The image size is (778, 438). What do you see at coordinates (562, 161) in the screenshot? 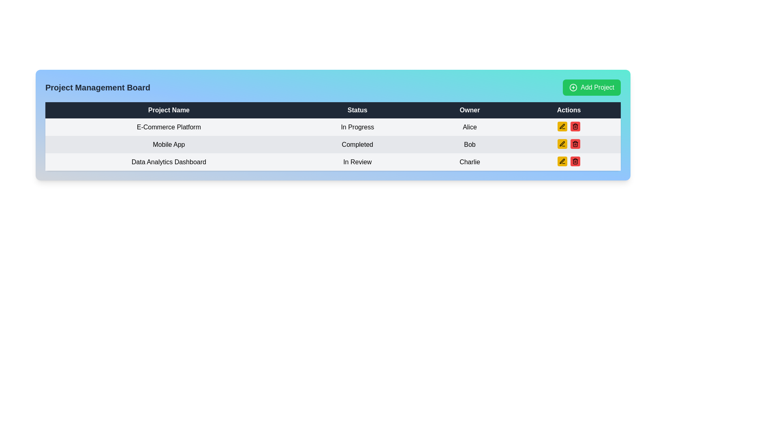
I see `the yellow pen icon button in the 'Actions' column of the 'Data Analytics Dashboard' row to initiate editing` at bounding box center [562, 161].